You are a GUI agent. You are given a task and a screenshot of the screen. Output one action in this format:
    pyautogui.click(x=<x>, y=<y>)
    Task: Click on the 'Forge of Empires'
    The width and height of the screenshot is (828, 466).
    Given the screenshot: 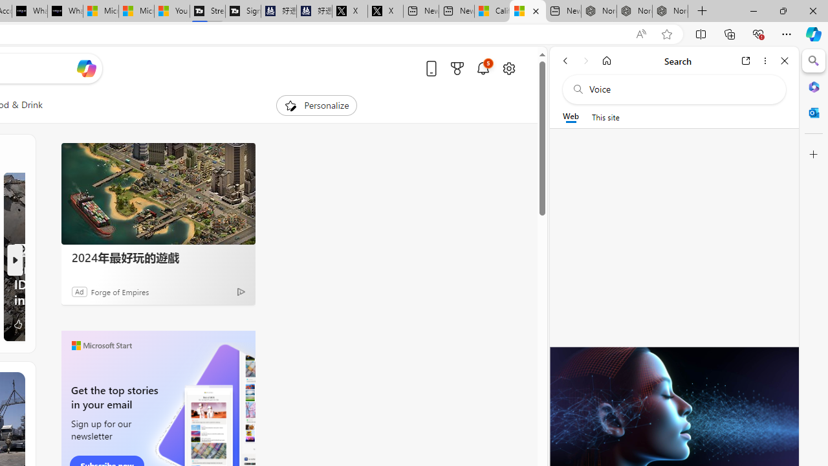 What is the action you would take?
    pyautogui.click(x=119, y=291)
    